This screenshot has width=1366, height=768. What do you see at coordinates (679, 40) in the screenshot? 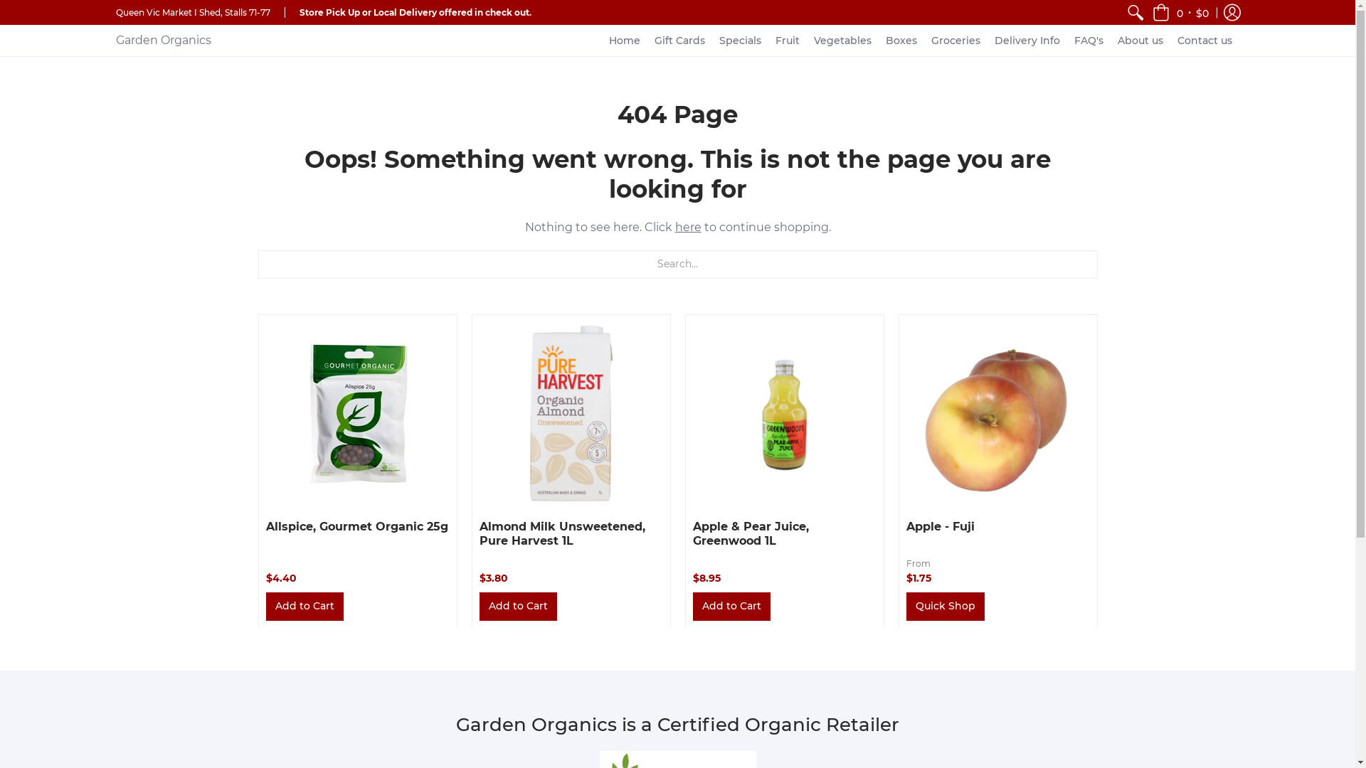
I see `'Gift Cards'` at bounding box center [679, 40].